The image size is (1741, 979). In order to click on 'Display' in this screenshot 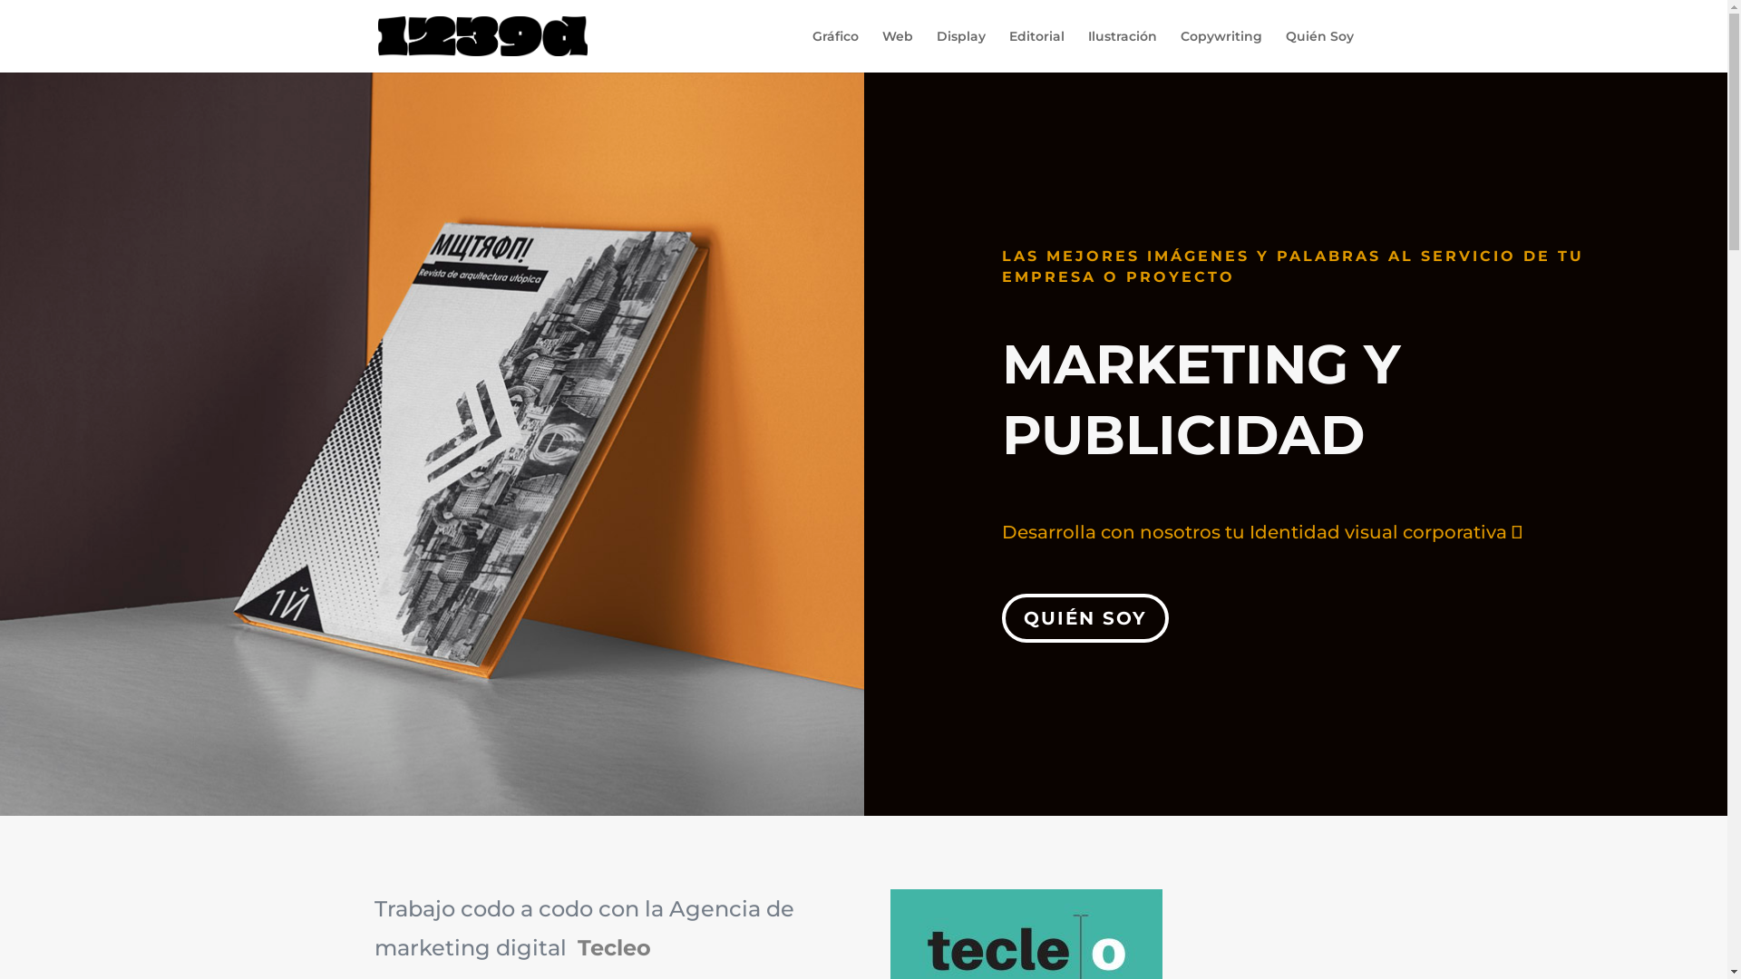, I will do `click(936, 50)`.